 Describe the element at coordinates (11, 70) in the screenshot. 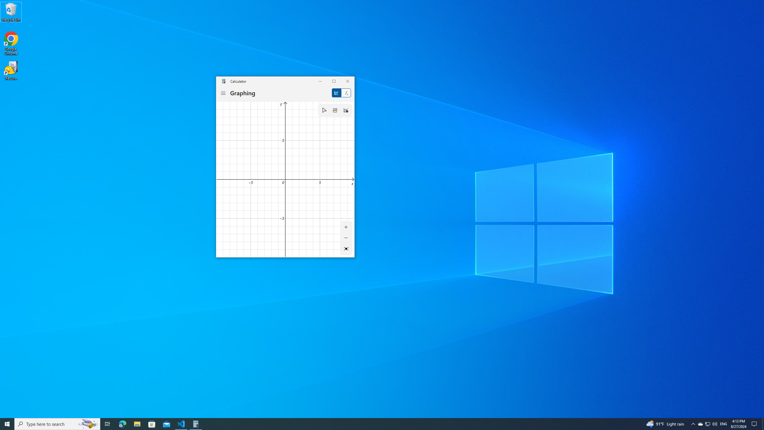

I see `'Recuva'` at that location.